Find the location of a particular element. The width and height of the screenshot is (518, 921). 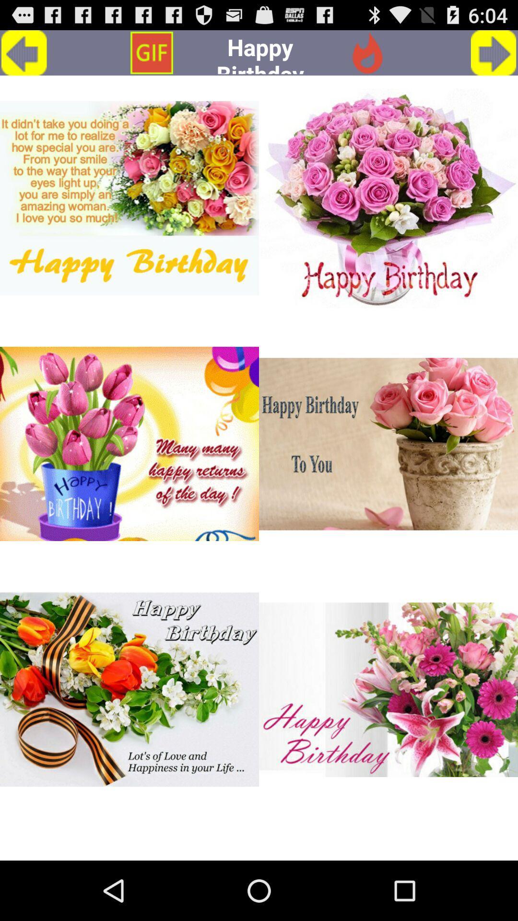

insert sticker is located at coordinates (129, 198).